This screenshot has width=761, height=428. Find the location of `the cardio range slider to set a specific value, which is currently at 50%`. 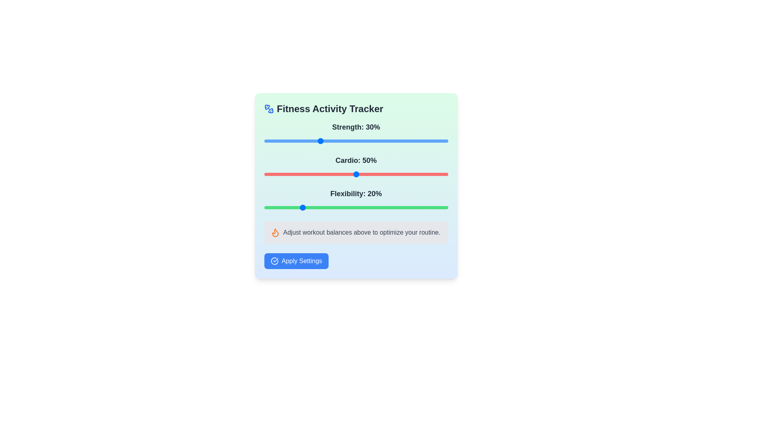

the cardio range slider to set a specific value, which is currently at 50% is located at coordinates (356, 174).